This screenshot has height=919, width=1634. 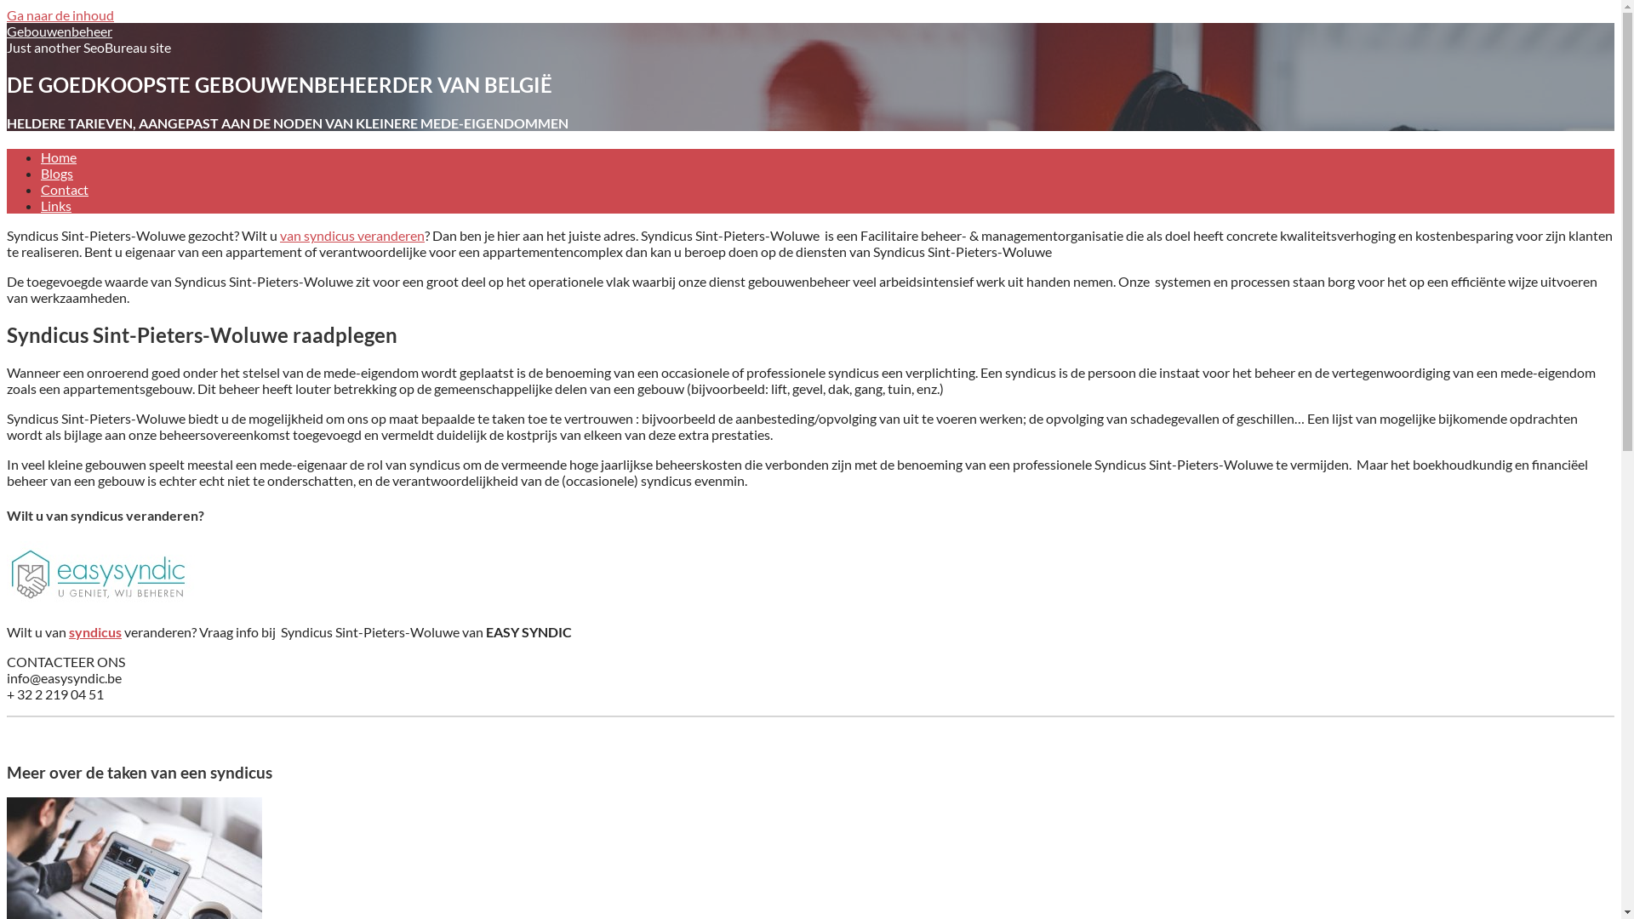 What do you see at coordinates (60, 31) in the screenshot?
I see `'Gebouwenbeheer'` at bounding box center [60, 31].